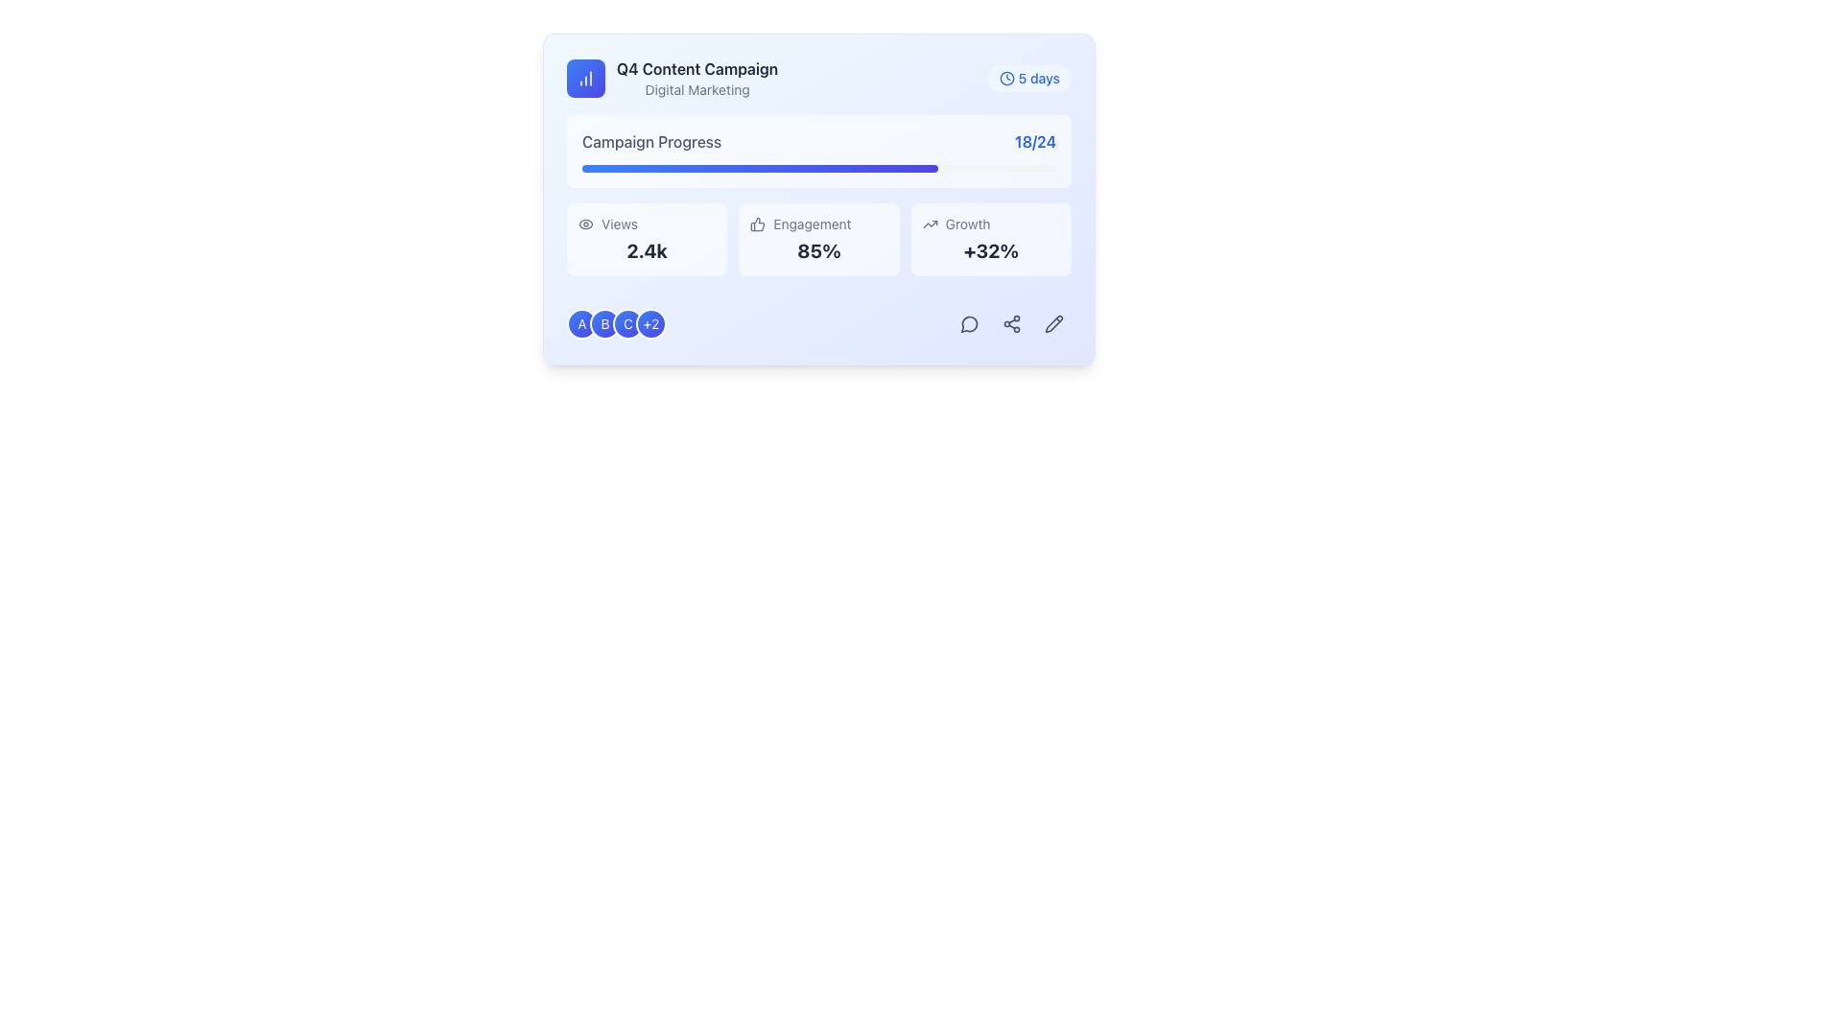 The height and width of the screenshot is (1036, 1842). What do you see at coordinates (617, 323) in the screenshot?
I see `the row of circular icons indicating group members located at the bottom-left corner of the main card` at bounding box center [617, 323].